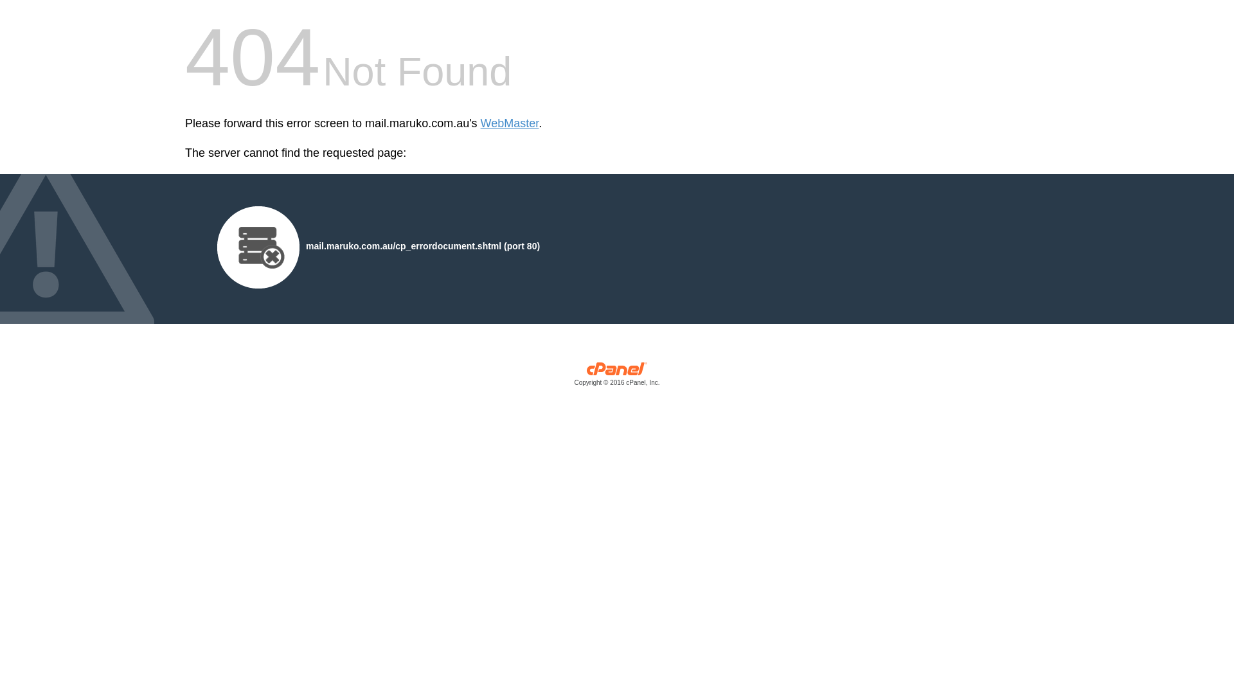 Image resolution: width=1234 pixels, height=694 pixels. I want to click on 'WebMaster', so click(509, 123).